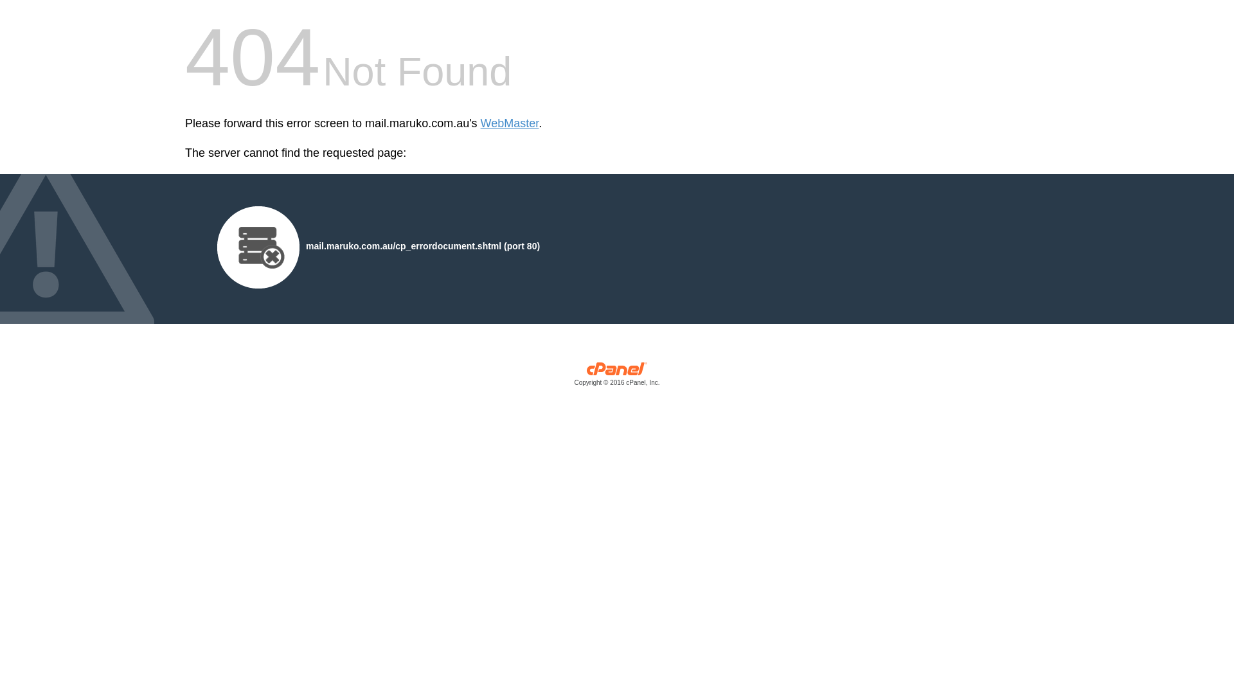 Image resolution: width=1234 pixels, height=694 pixels. I want to click on 'WebMaster', so click(509, 123).